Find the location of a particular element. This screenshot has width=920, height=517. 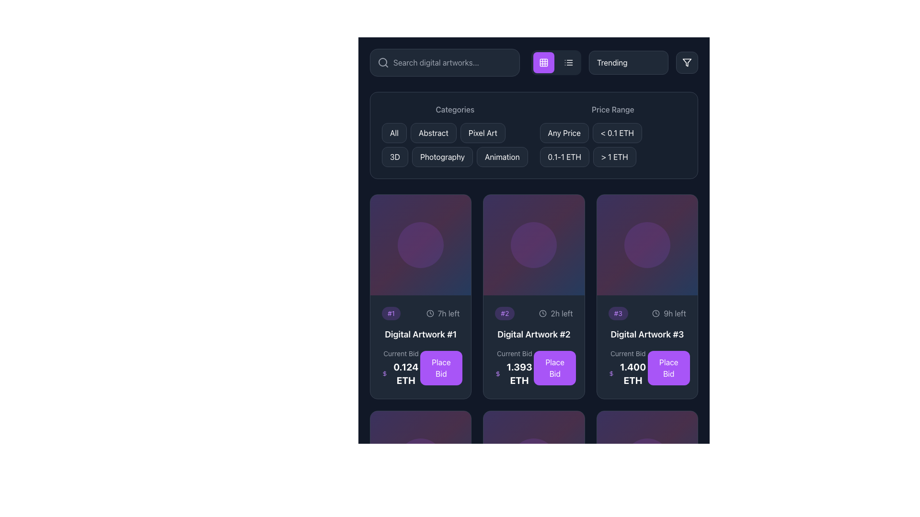

the 'Any Price' button, which is a rounded rectangular button with a dark gray background and white text, located in the top-right section of the interface within the 'Price Range' group is located at coordinates (564, 133).